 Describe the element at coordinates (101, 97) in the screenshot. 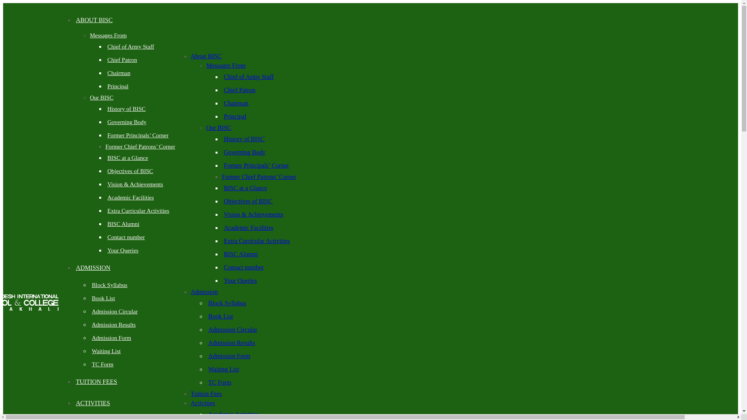

I see `'Our BISC'` at that location.